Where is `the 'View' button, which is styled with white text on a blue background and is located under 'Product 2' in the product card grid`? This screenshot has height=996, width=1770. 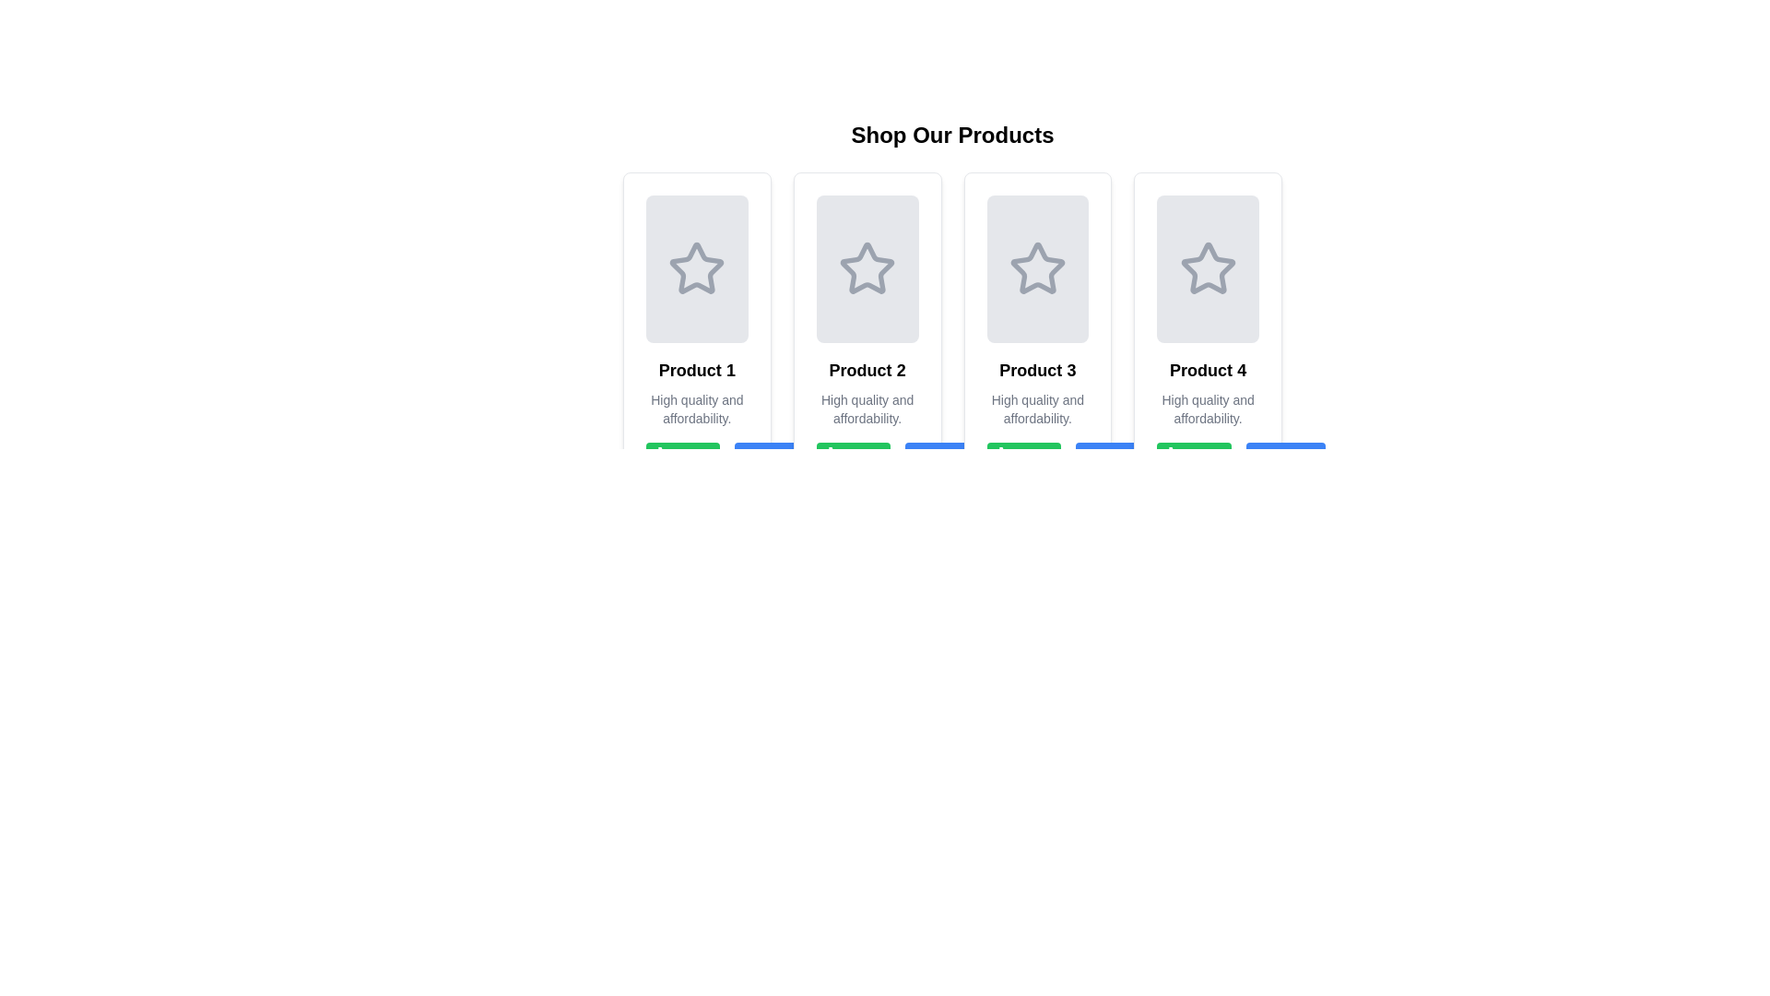 the 'View' button, which is styled with white text on a blue background and is located under 'Product 2' in the product card grid is located at coordinates (787, 456).